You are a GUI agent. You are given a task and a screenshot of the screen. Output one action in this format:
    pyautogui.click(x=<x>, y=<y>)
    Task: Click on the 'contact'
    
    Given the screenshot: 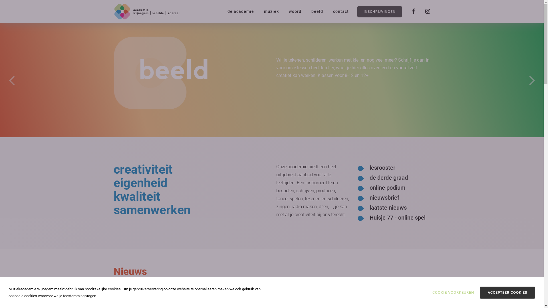 What is the action you would take?
    pyautogui.click(x=336, y=10)
    